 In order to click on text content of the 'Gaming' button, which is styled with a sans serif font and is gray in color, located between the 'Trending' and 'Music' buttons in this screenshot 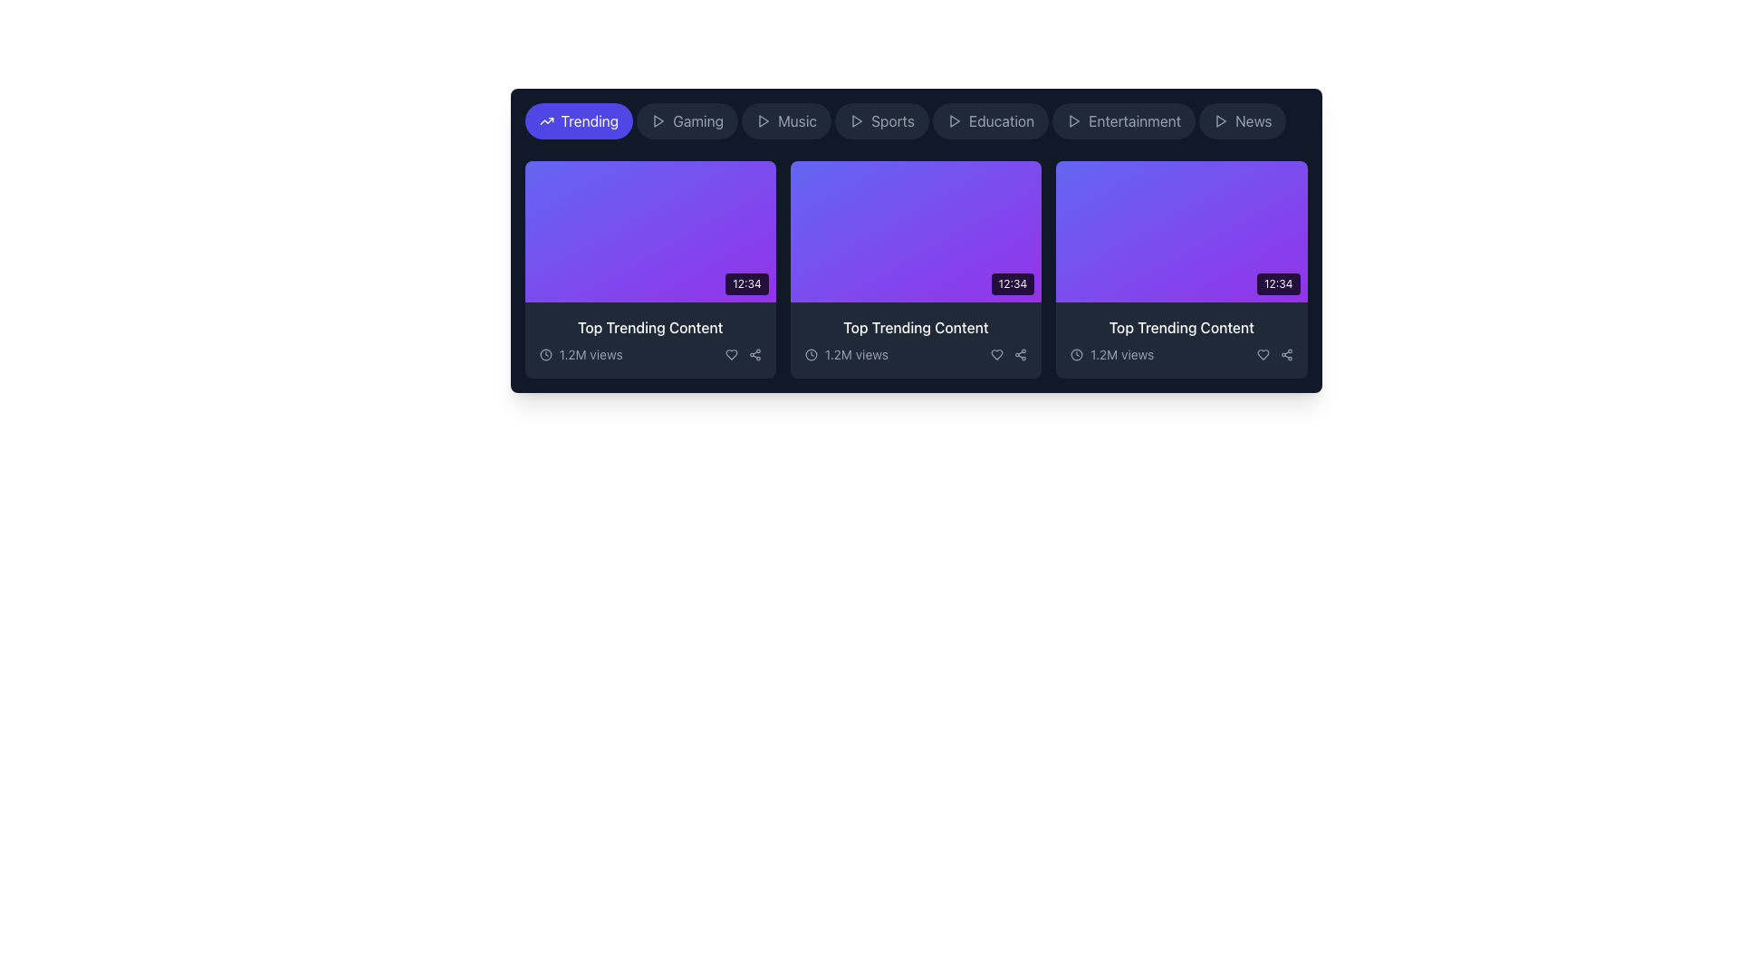, I will do `click(697, 121)`.